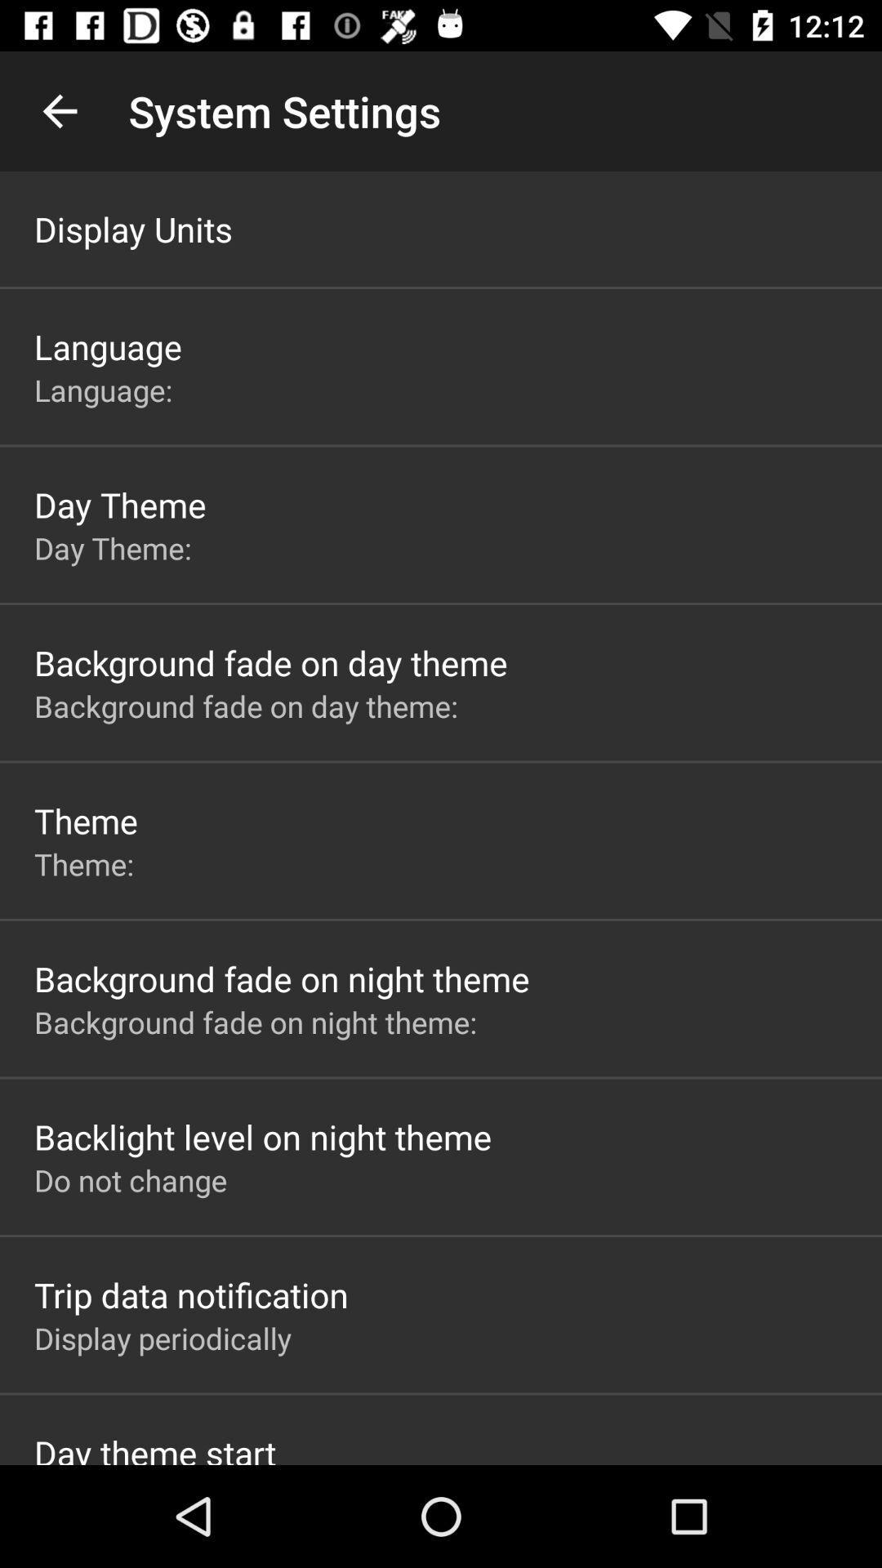  What do you see at coordinates (190, 1294) in the screenshot?
I see `app below the do not change item` at bounding box center [190, 1294].